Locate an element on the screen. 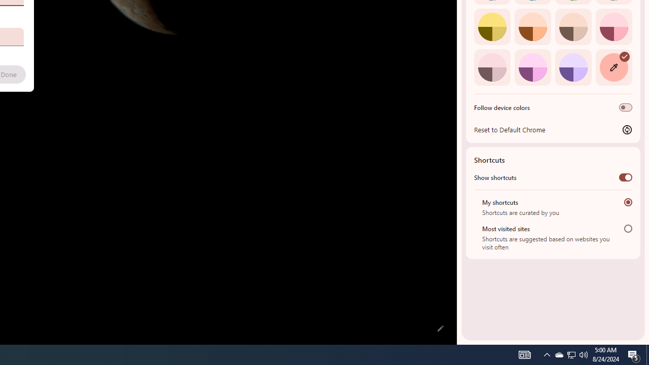  'Fuchsia' is located at coordinates (532, 67).